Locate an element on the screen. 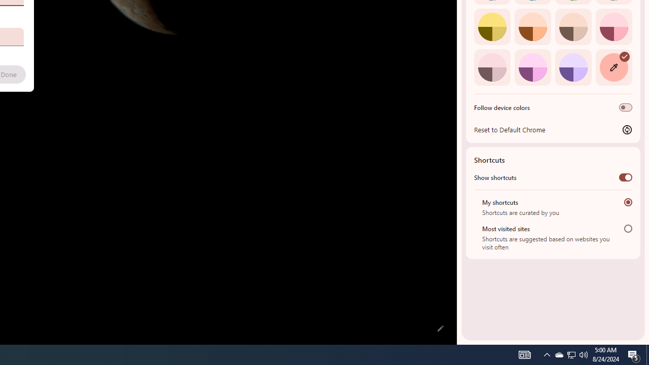  'Fuchsia' is located at coordinates (532, 67).